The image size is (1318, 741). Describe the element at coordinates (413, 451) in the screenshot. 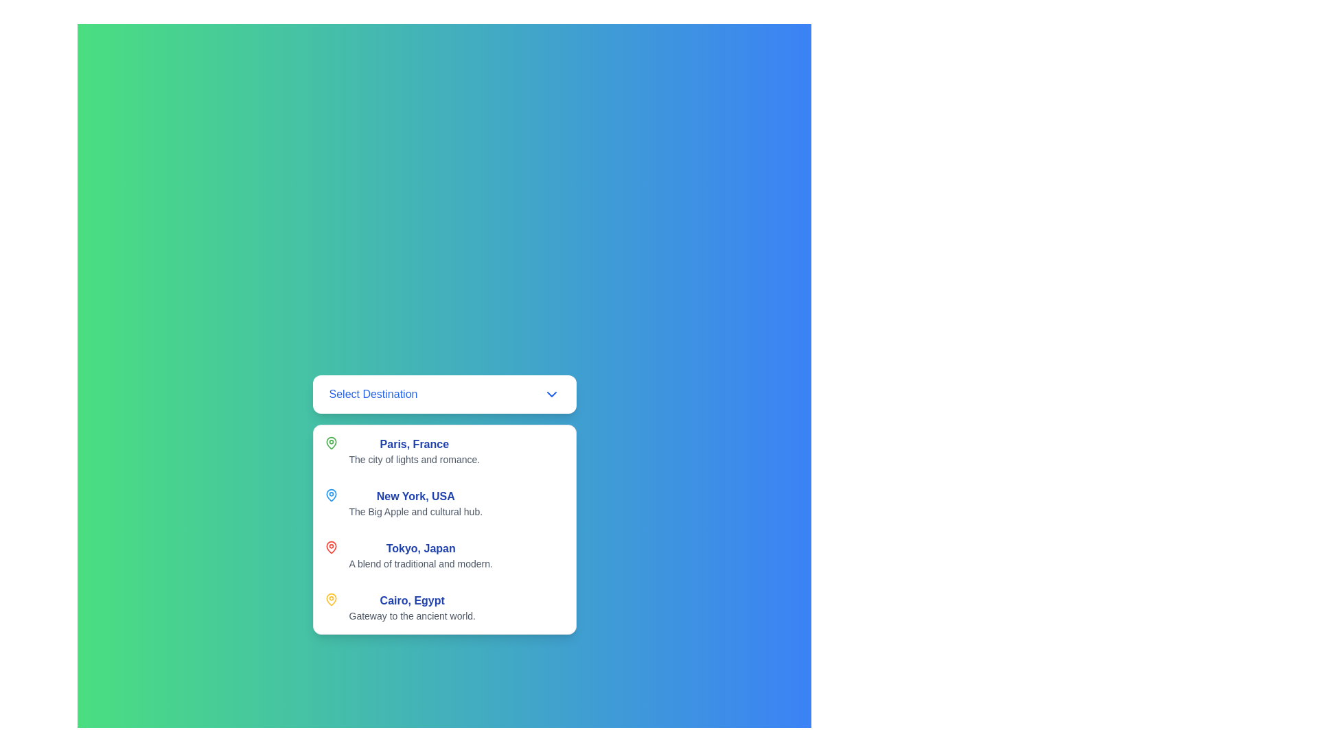

I see `the selectable destination labeled 'Paris, France'` at that location.